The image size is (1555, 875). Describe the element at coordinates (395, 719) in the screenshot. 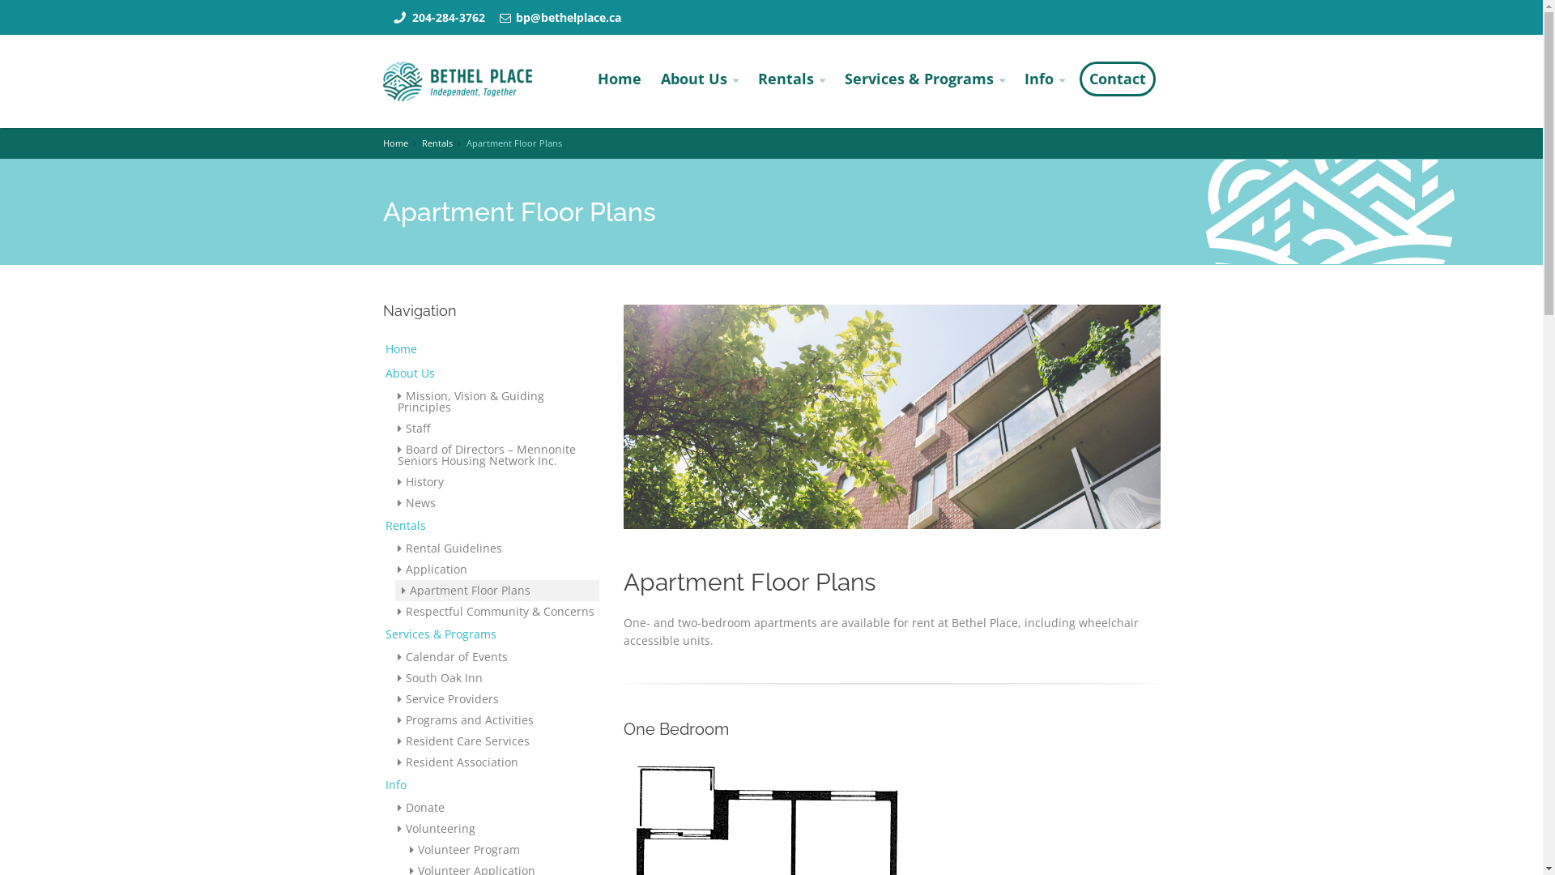

I see `'Programs and Activities'` at that location.